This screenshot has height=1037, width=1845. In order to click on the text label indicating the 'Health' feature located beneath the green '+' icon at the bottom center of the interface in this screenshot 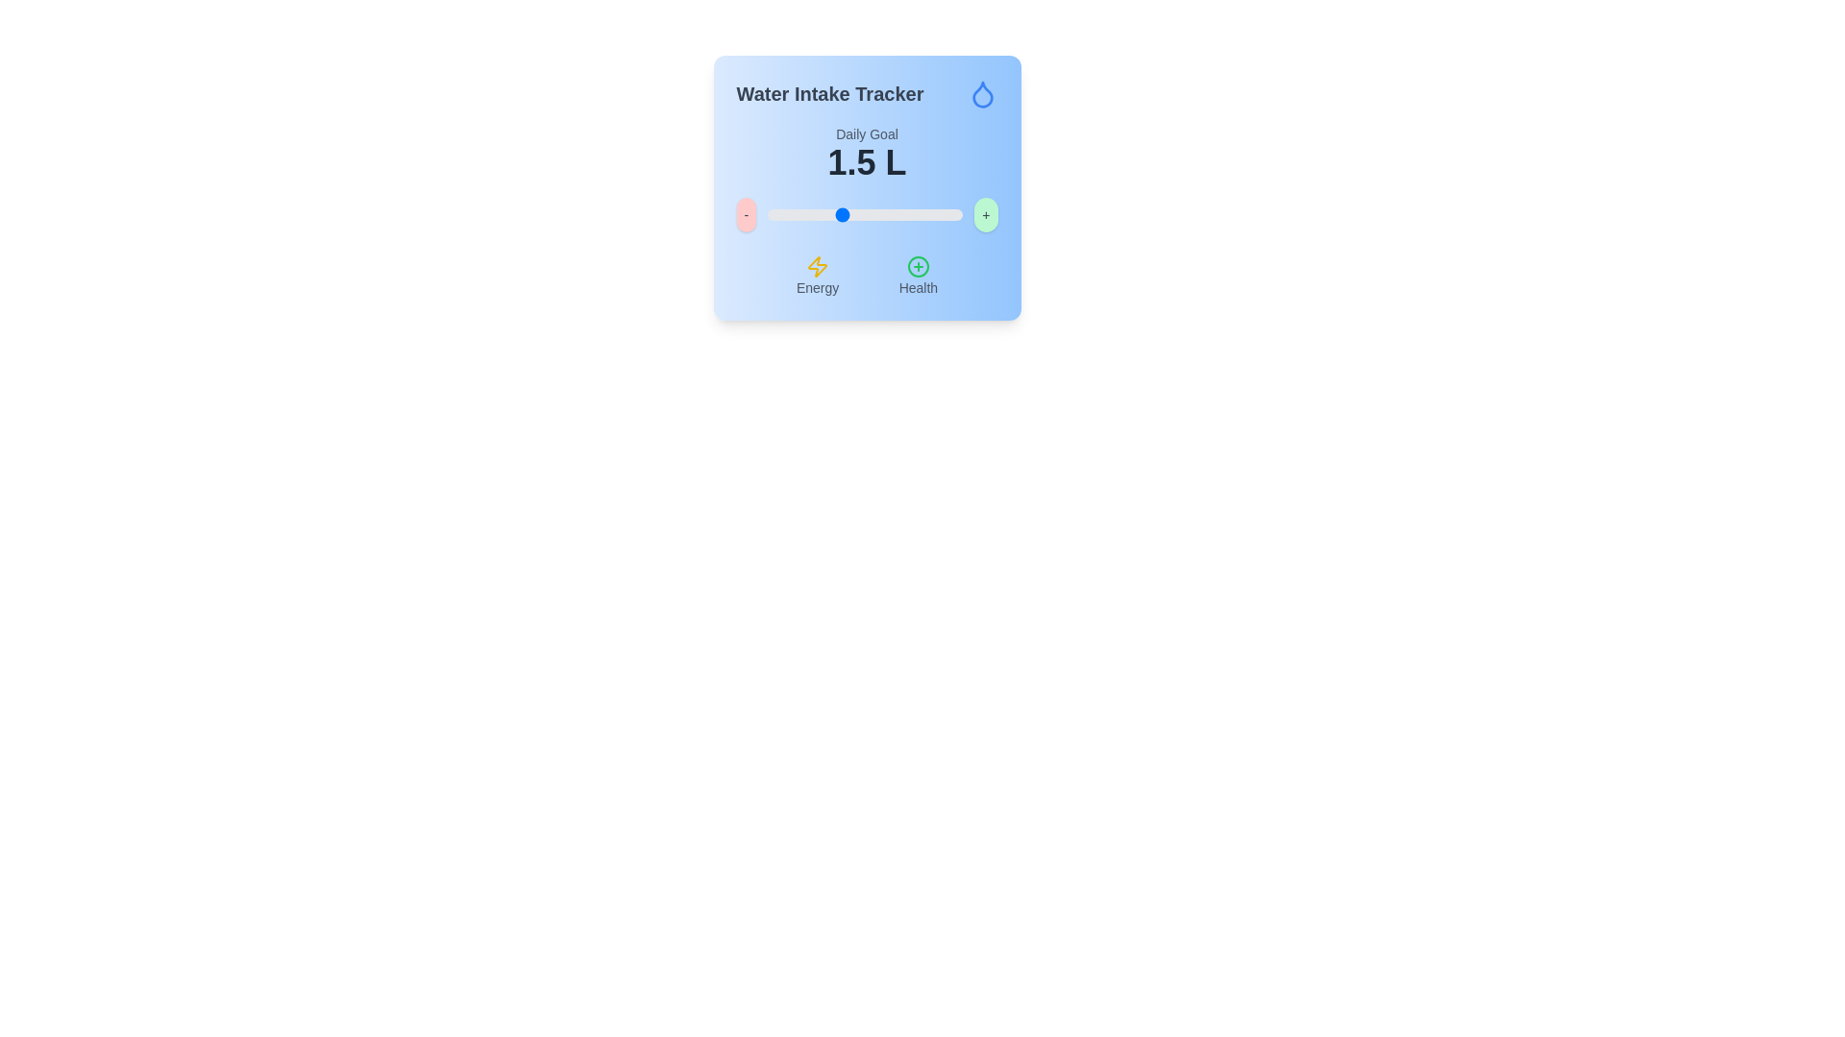, I will do `click(917, 288)`.